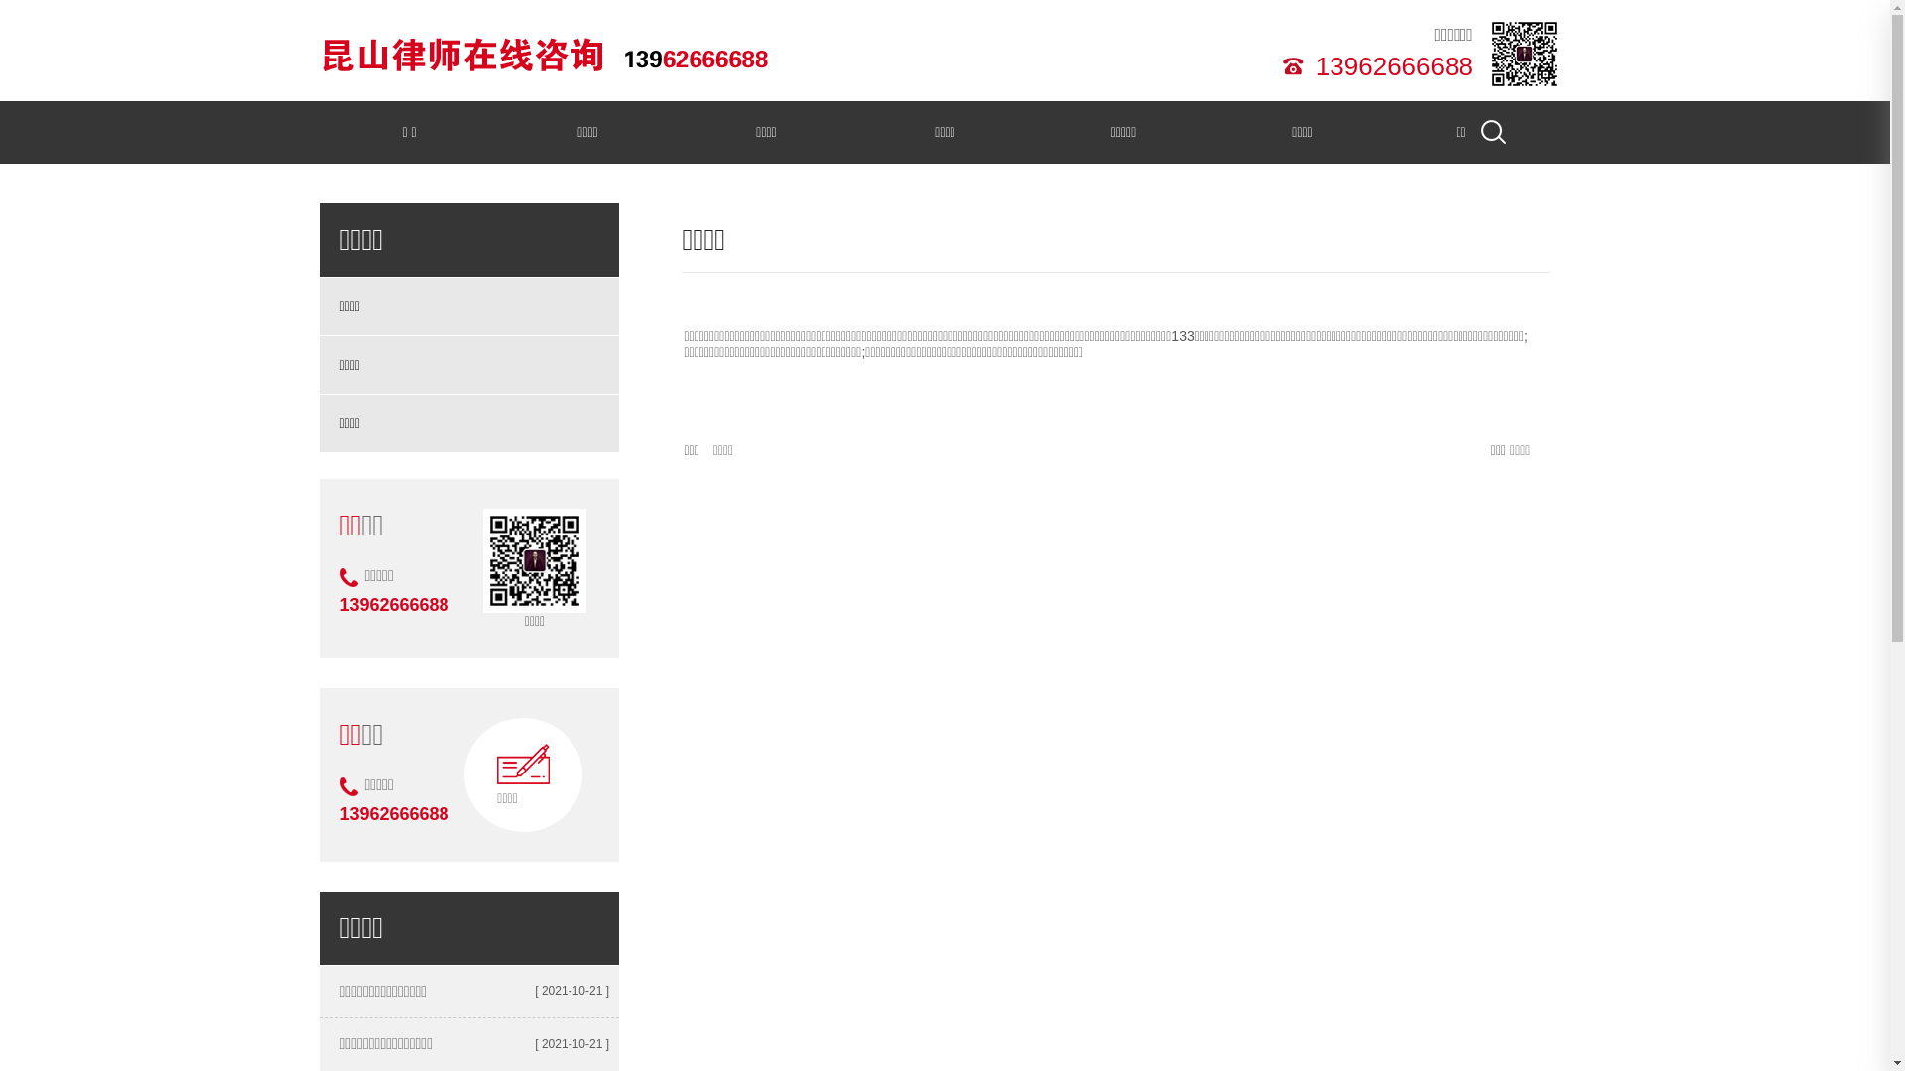 The width and height of the screenshot is (1905, 1071). What do you see at coordinates (1308, 63) in the screenshot?
I see `'13962666688'` at bounding box center [1308, 63].